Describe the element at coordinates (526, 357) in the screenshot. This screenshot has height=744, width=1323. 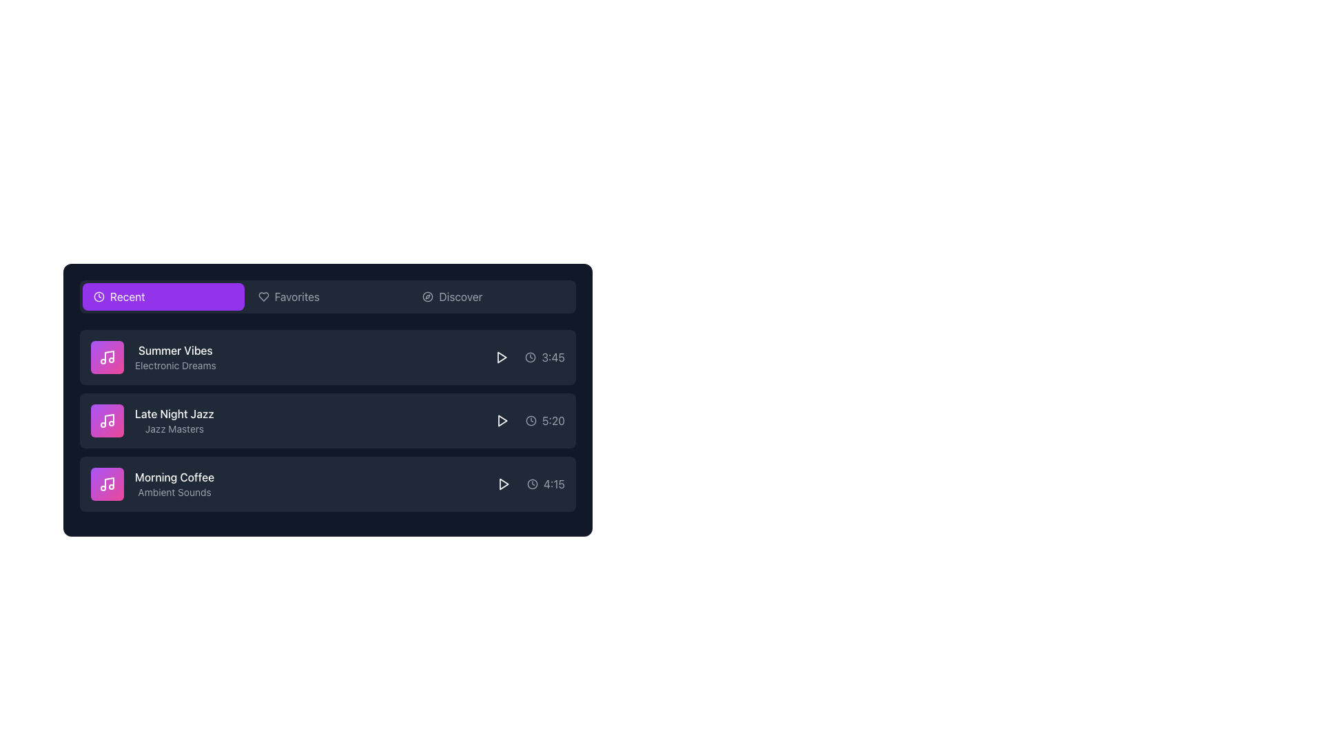
I see `the label that displays the duration of the music track 'Summer Vibes', which is located on the rightmost side of the first item in the list of music tracks and next to the play button` at that location.